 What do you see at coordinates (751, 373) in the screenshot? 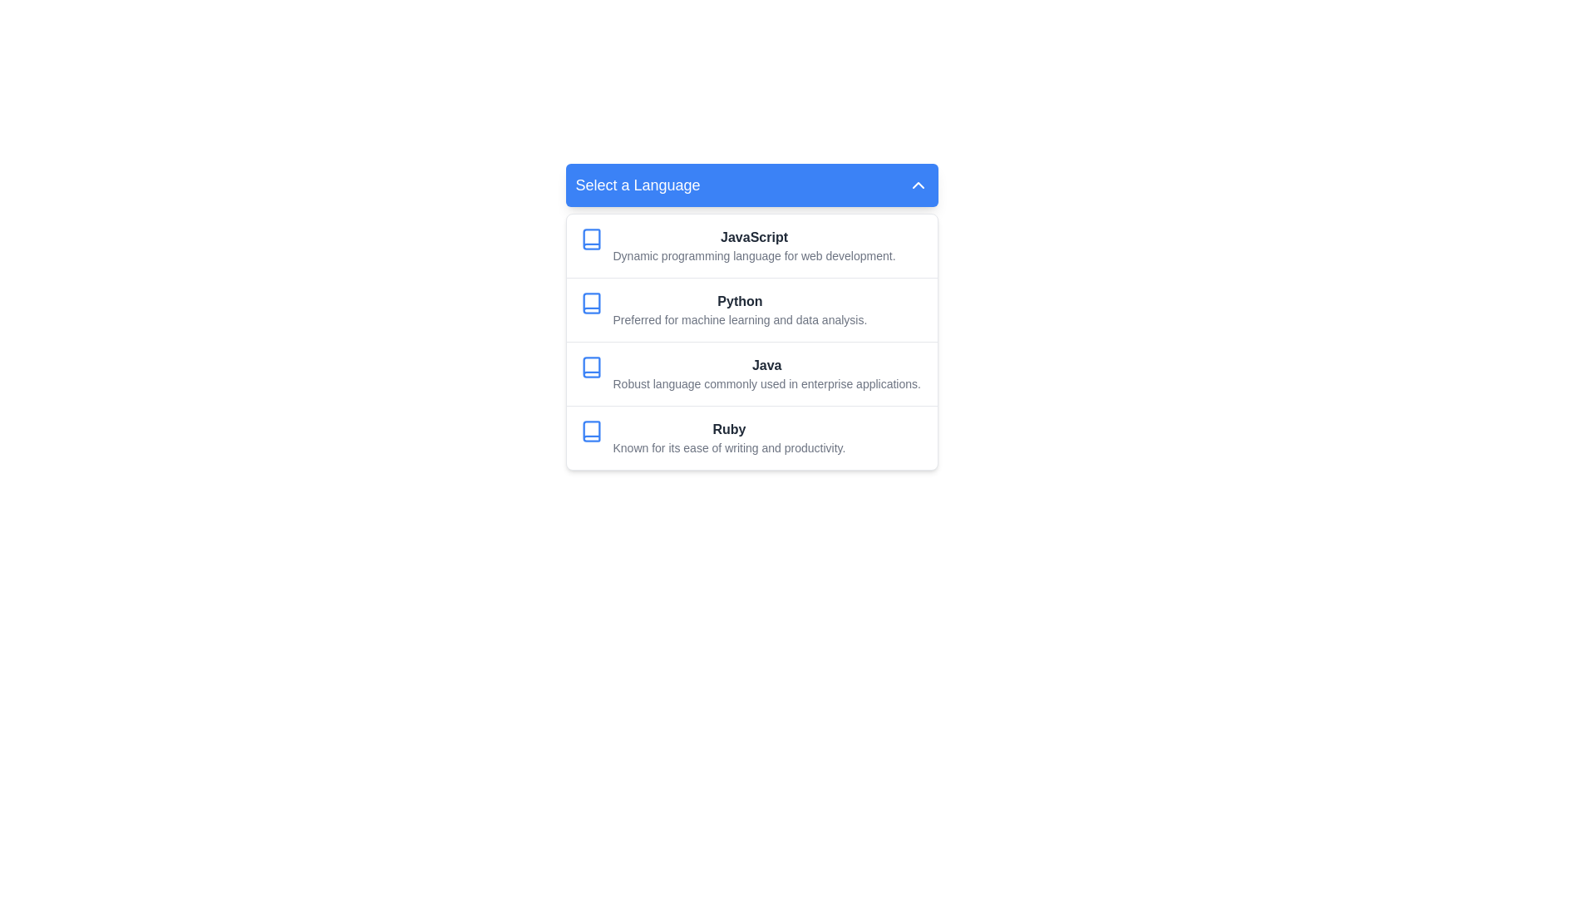
I see `the option list item displaying 'Java'` at bounding box center [751, 373].